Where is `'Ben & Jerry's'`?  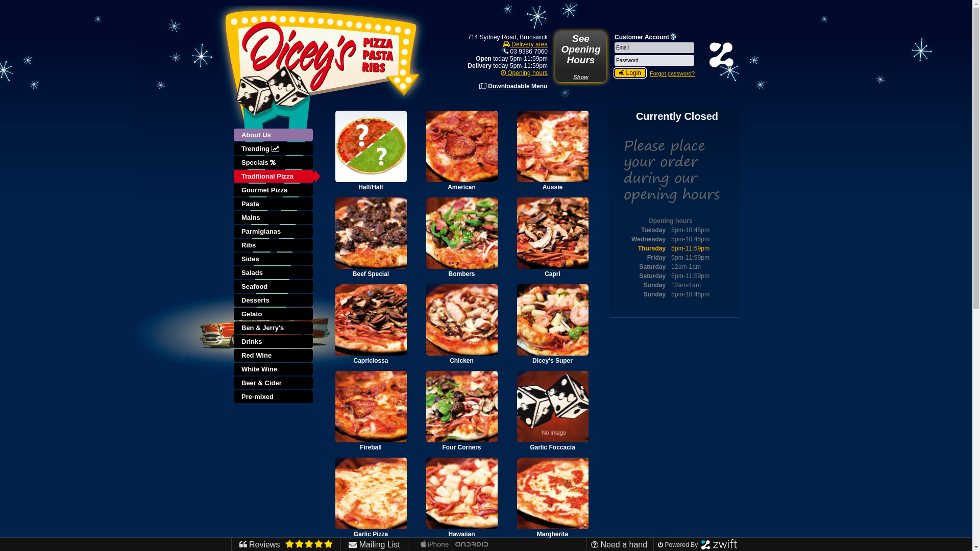 'Ben & Jerry's' is located at coordinates (274, 328).